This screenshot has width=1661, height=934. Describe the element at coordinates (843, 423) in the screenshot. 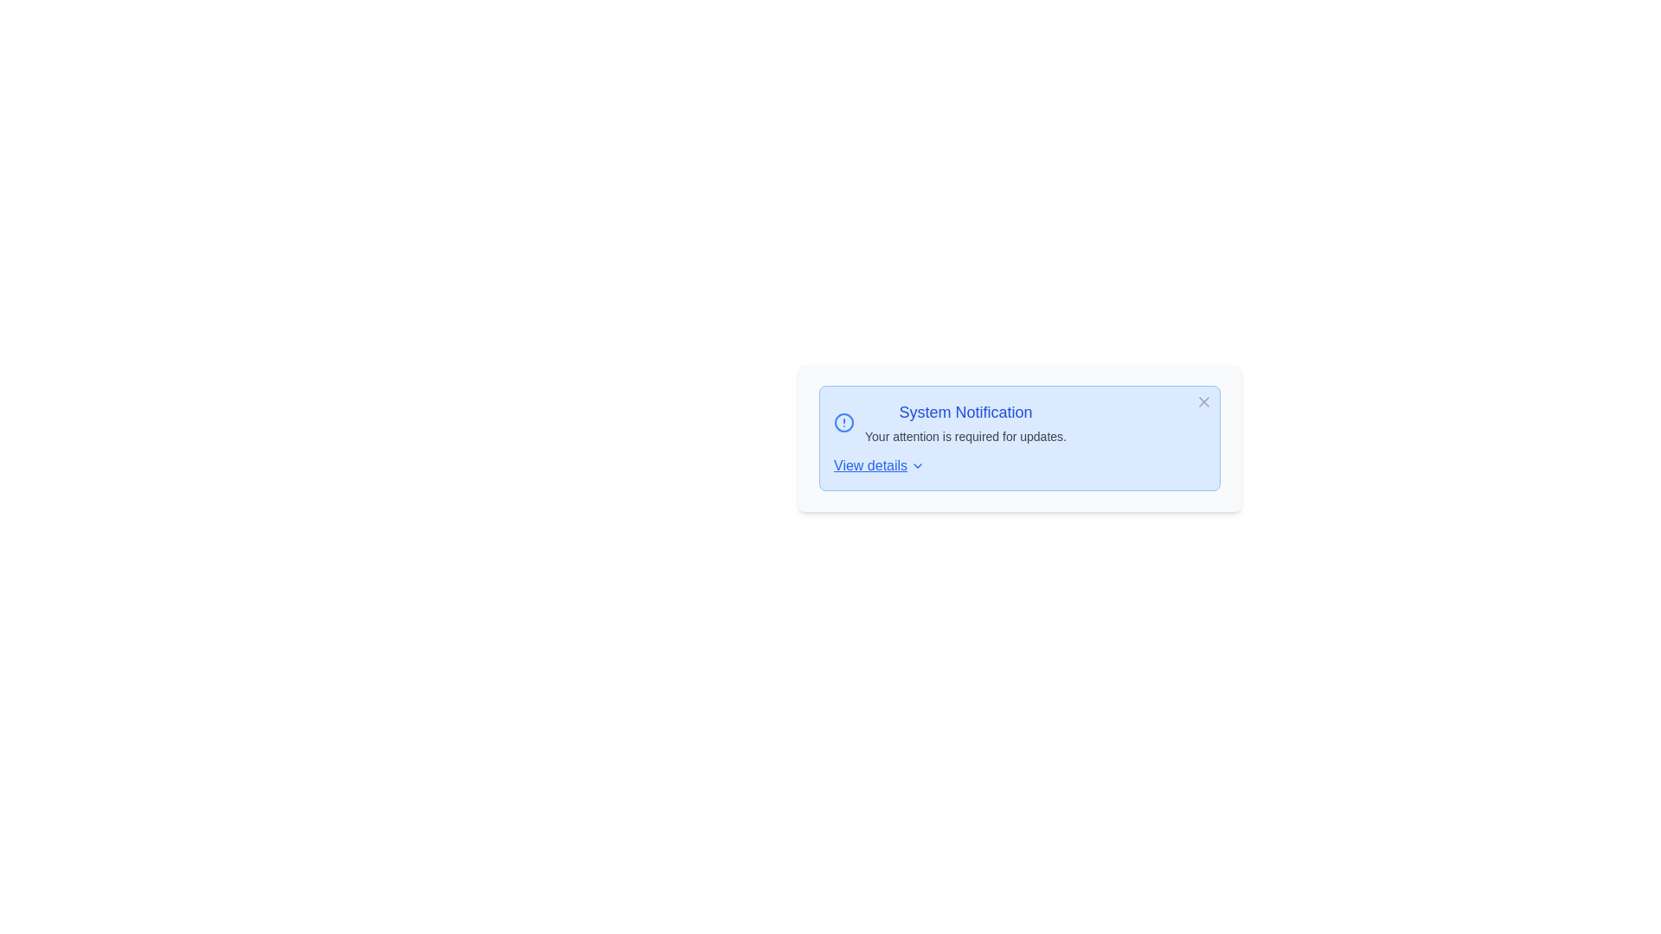

I see `the circular alert notification icon with a blue border and white interior located at the leftmost part of the 'System Notification' card` at that location.